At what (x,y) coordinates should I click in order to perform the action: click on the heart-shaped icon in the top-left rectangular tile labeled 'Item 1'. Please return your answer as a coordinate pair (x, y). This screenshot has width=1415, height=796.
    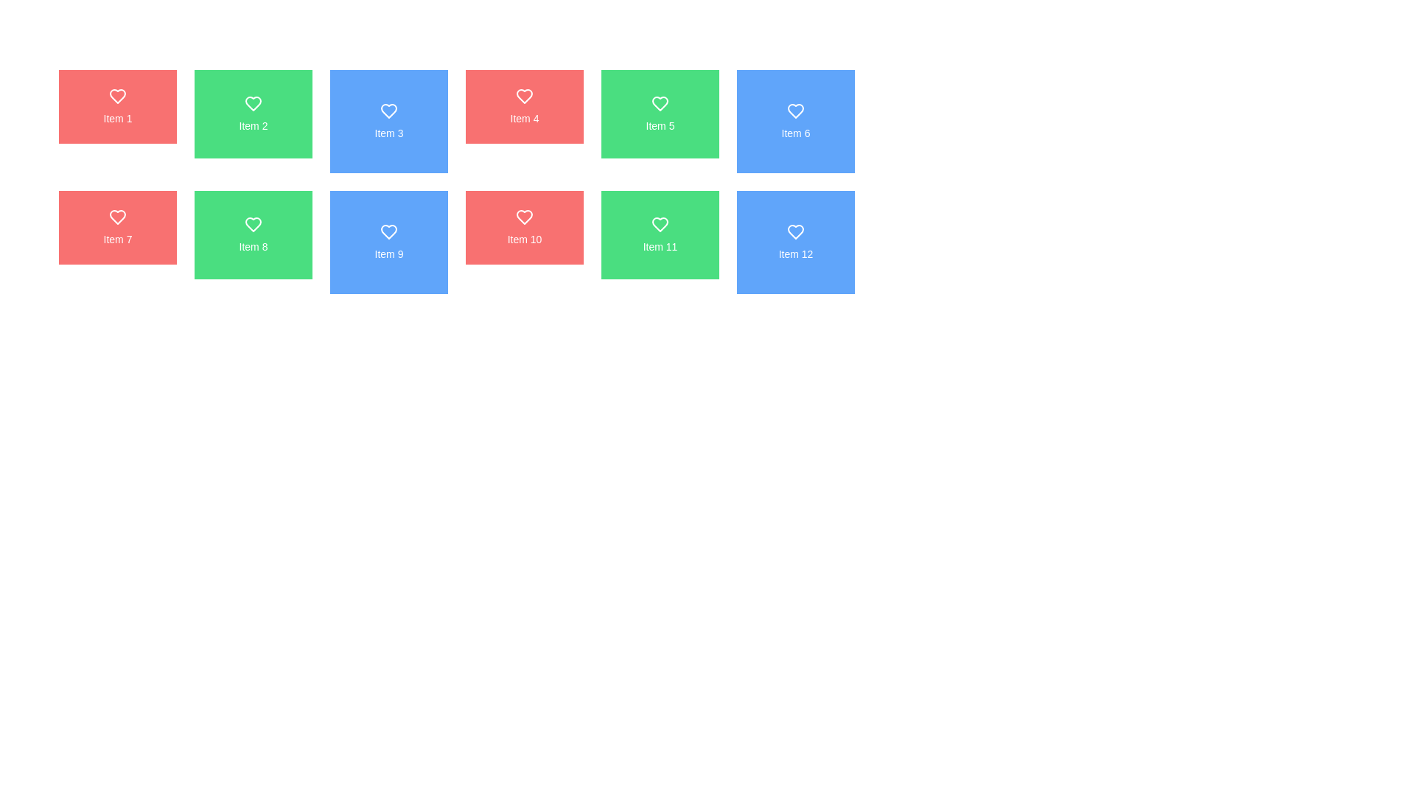
    Looking at the image, I should click on (116, 97).